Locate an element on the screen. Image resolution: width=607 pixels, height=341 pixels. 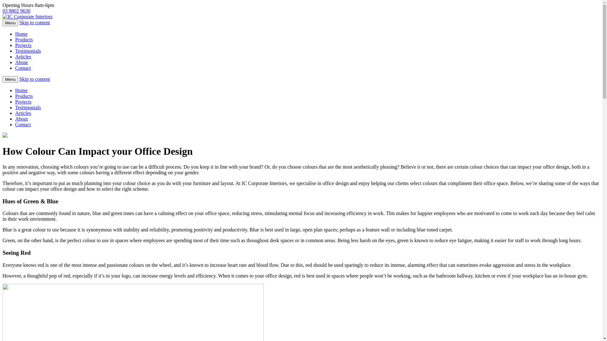
'Home' is located at coordinates (15, 90).